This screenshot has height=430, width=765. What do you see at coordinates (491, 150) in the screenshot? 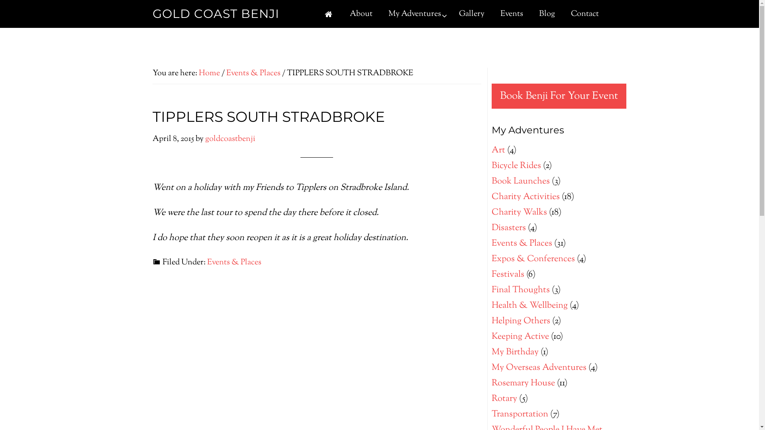
I see `'Art'` at bounding box center [491, 150].